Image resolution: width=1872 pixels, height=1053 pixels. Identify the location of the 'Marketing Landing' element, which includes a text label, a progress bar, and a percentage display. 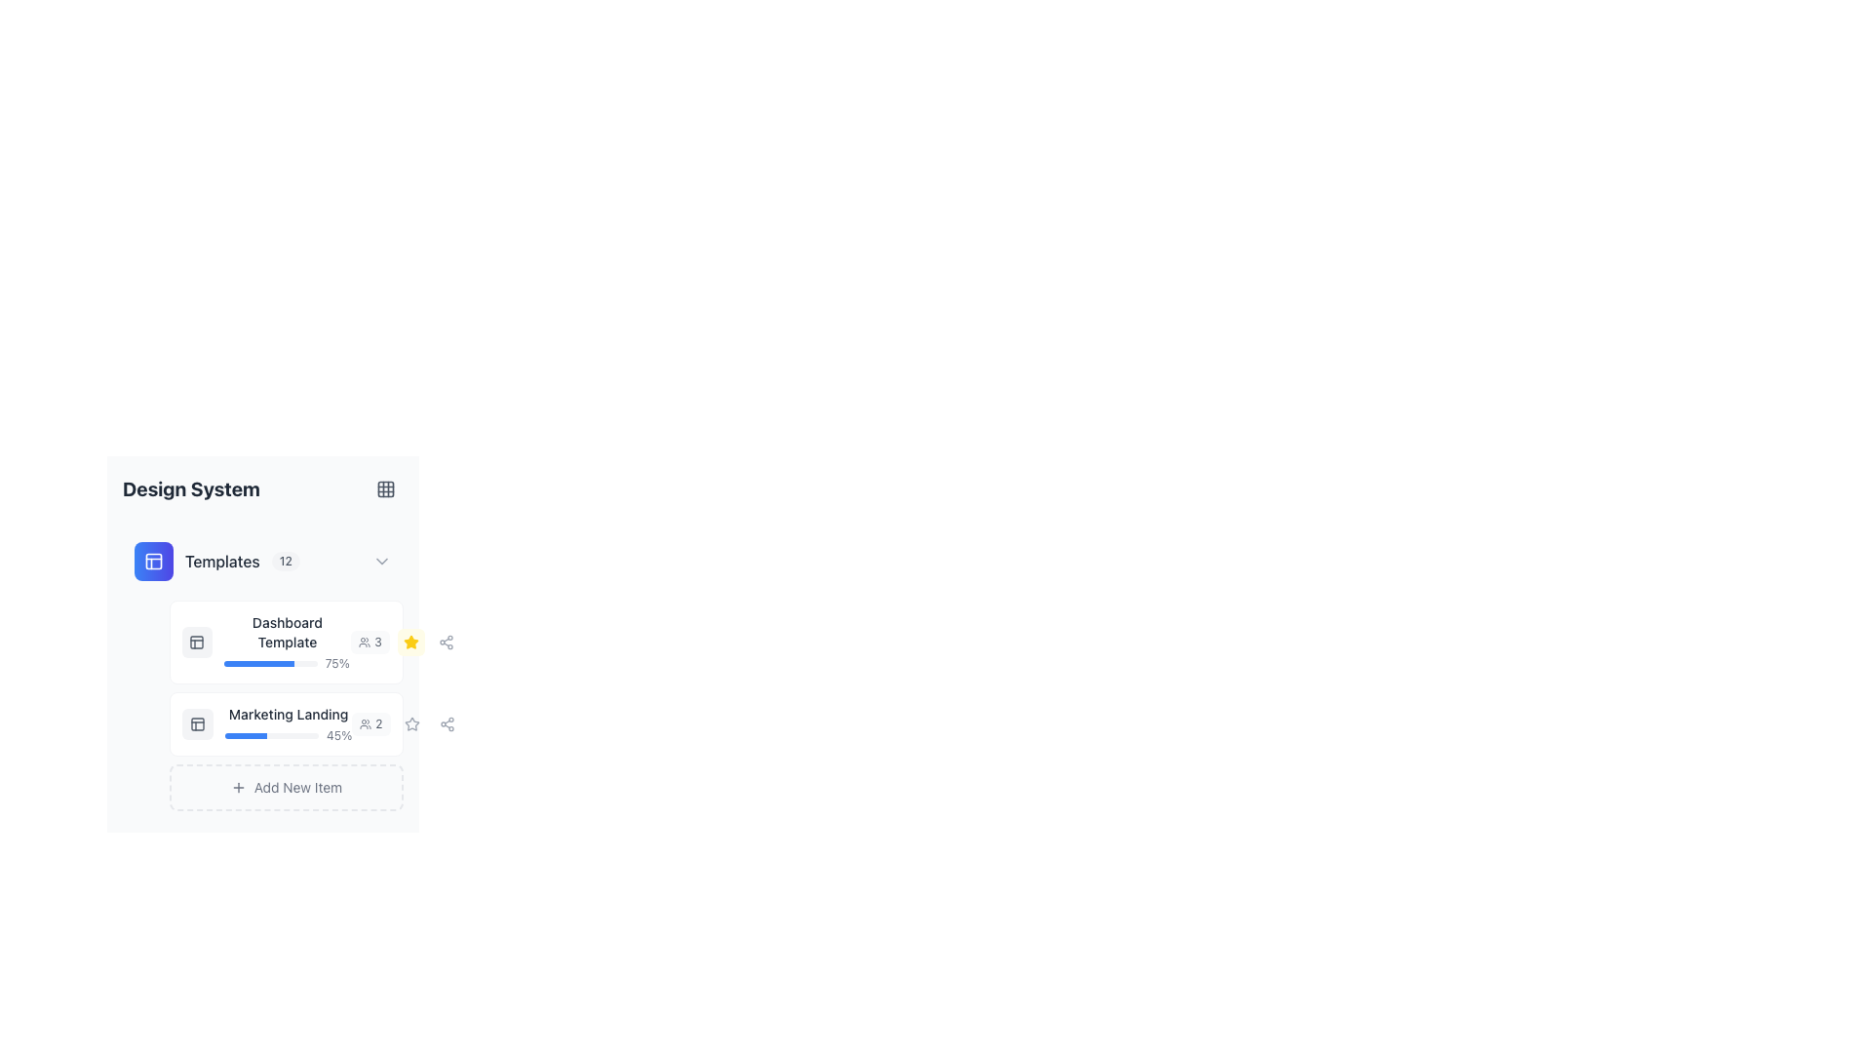
(288, 724).